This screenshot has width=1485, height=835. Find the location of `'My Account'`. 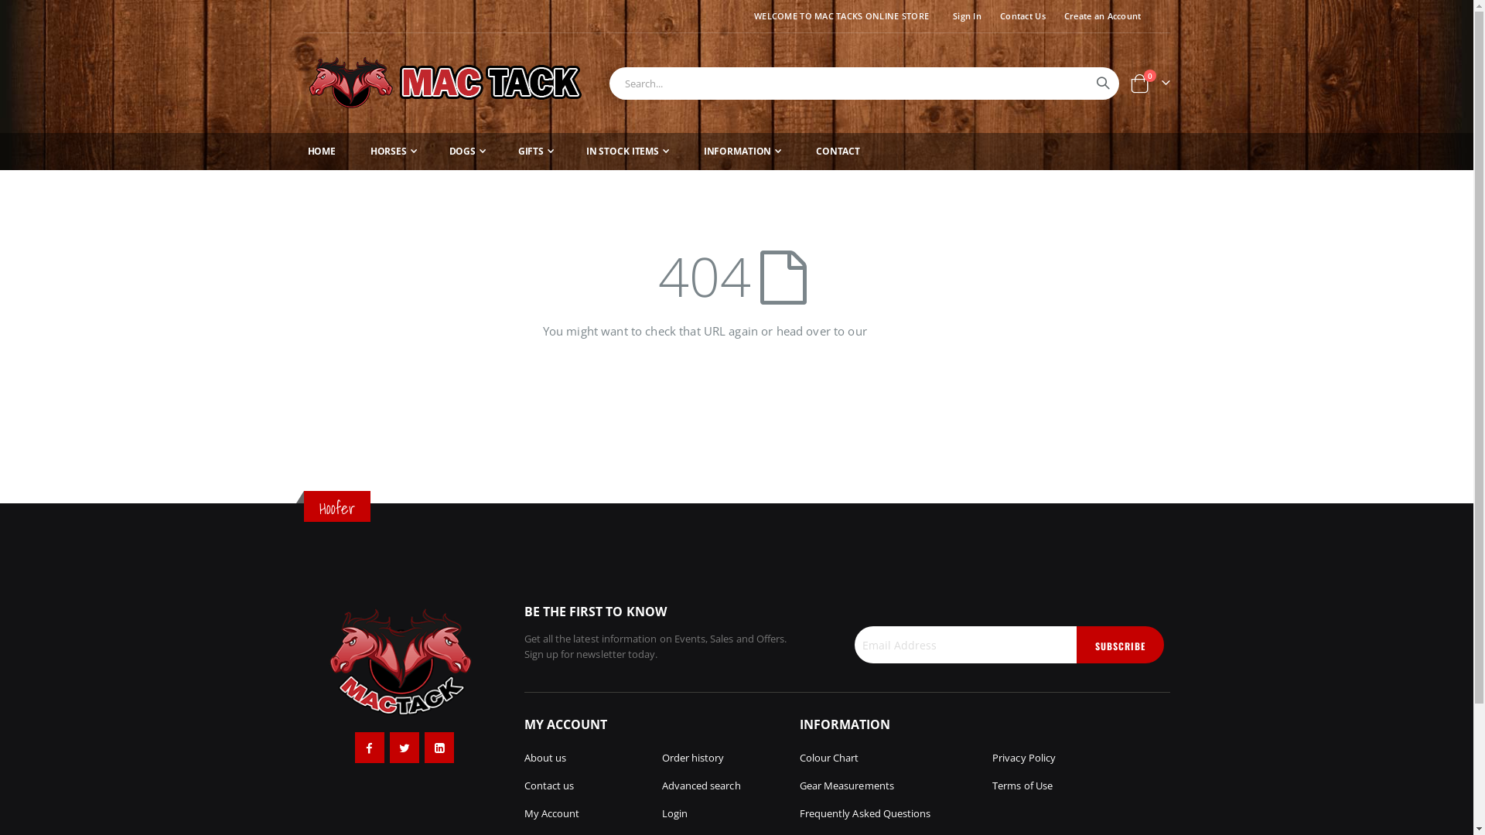

'My Account' is located at coordinates (552, 813).